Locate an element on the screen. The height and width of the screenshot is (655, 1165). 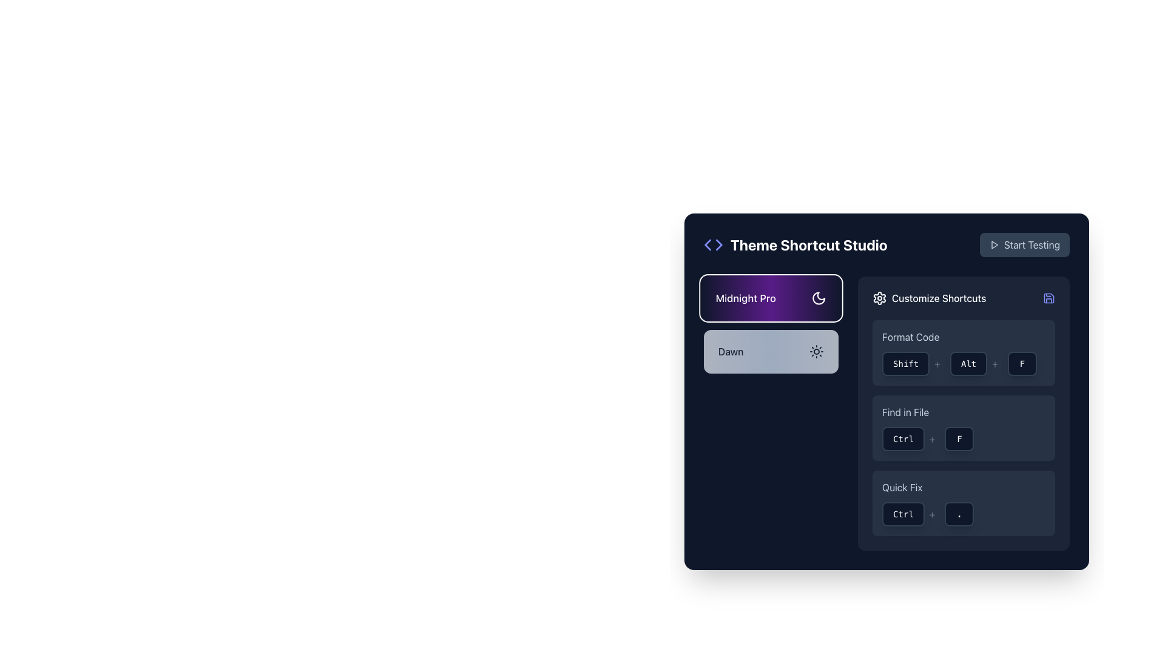
the Text Label that describes the 'Quick Fix' action in the 'Customize Shortcuts' panel, positioned above the visual representation of the keyboard shortcut 'Ctrl + .' is located at coordinates (902, 486).